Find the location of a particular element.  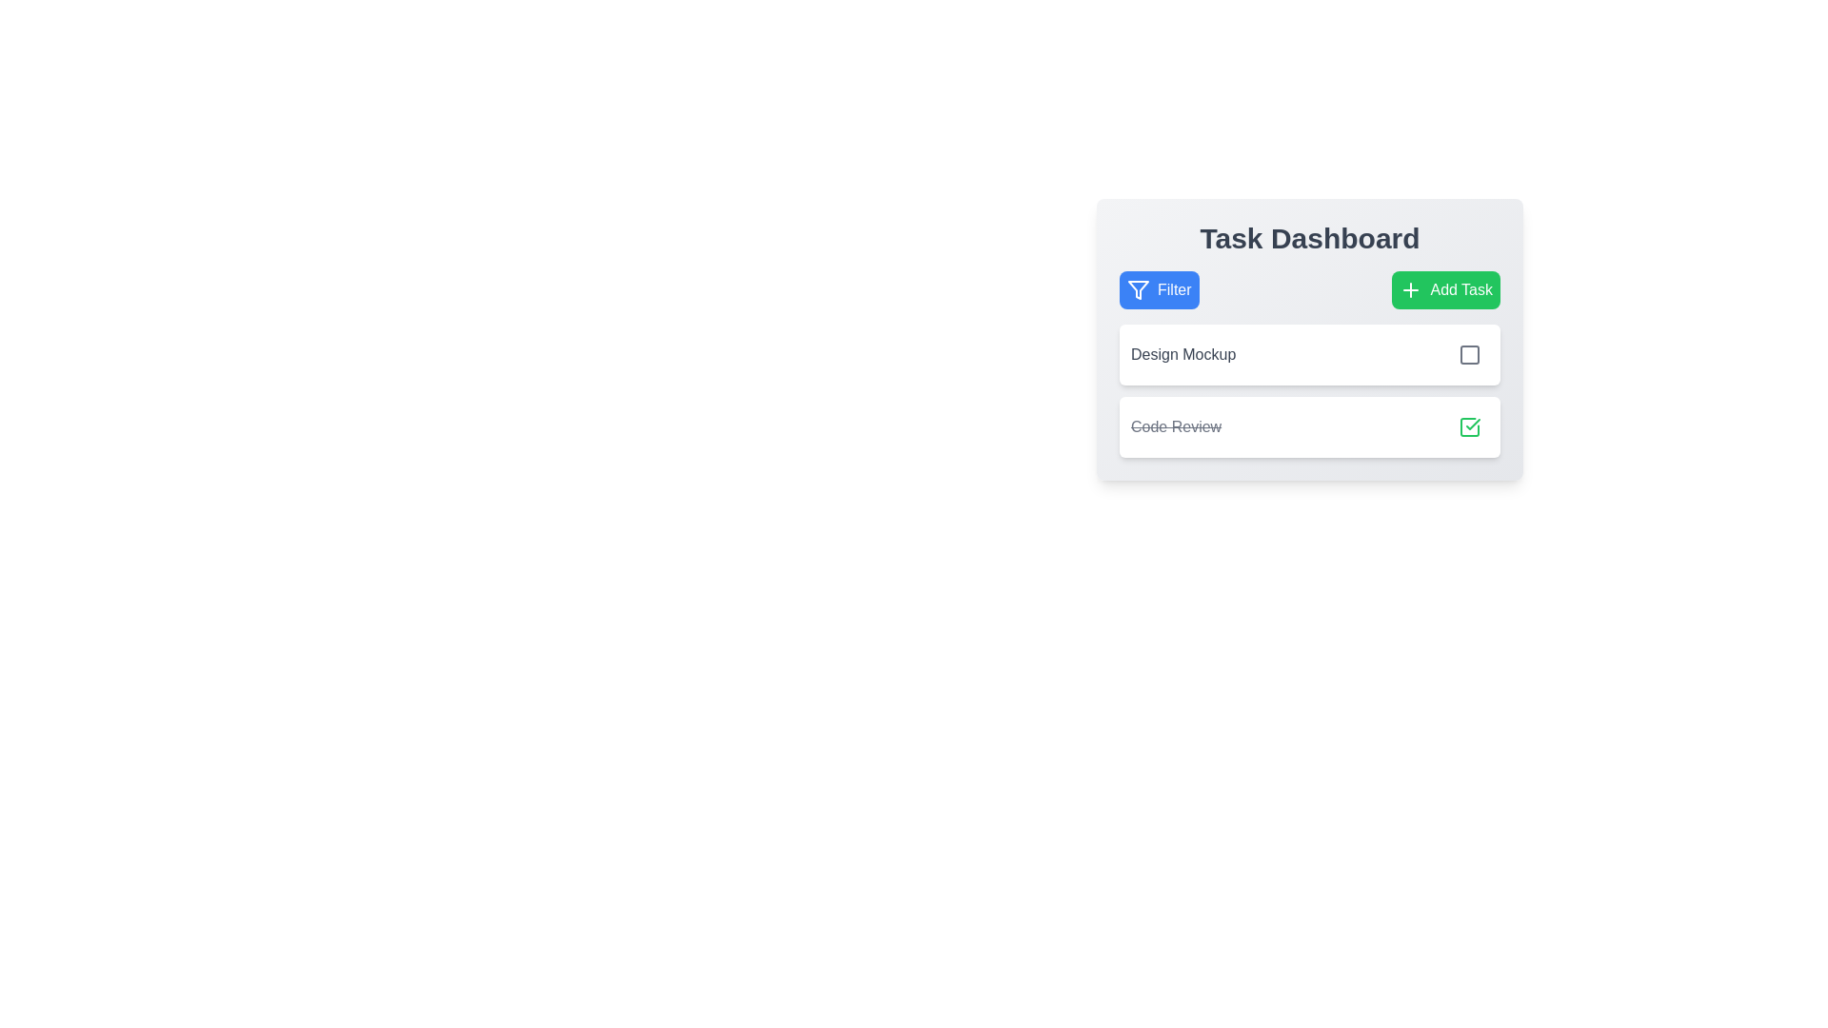

the green square icon with a check mark beside the 'Code Review' text is located at coordinates (1469, 425).